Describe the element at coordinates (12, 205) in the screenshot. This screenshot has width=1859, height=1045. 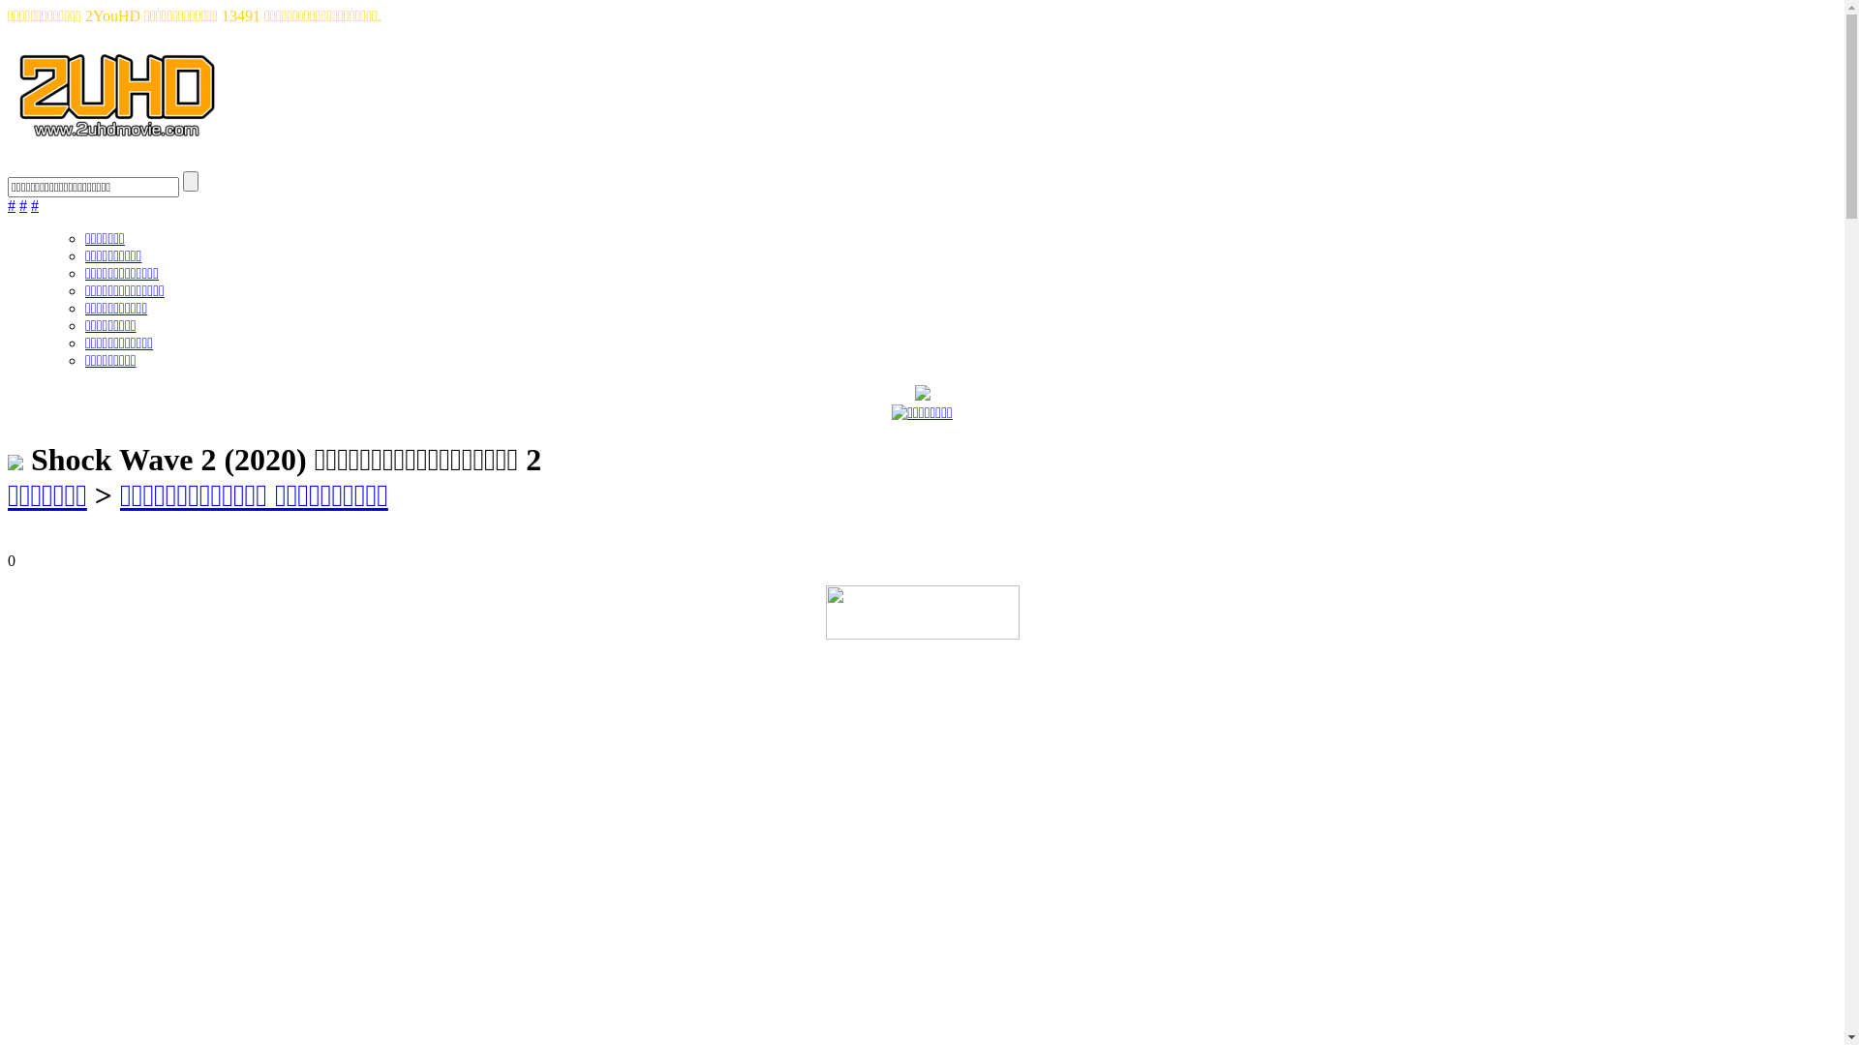
I see `'#'` at that location.